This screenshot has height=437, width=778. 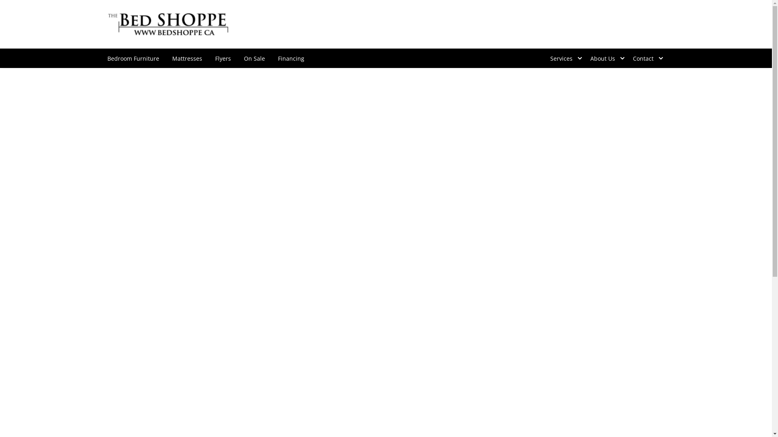 What do you see at coordinates (583, 57) in the screenshot?
I see `'About Us'` at bounding box center [583, 57].